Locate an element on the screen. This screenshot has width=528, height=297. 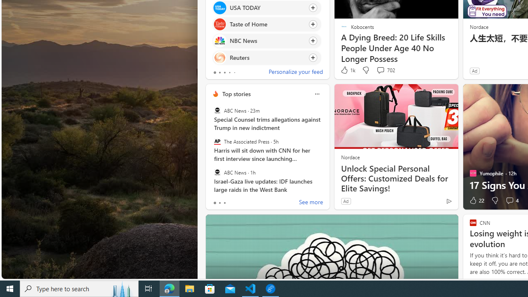
'Dislike' is located at coordinates (495, 200).